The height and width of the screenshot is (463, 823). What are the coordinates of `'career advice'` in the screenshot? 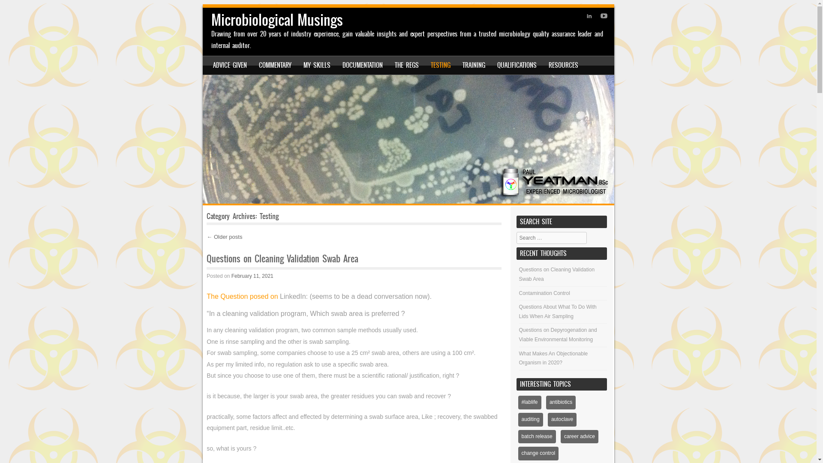 It's located at (580, 436).